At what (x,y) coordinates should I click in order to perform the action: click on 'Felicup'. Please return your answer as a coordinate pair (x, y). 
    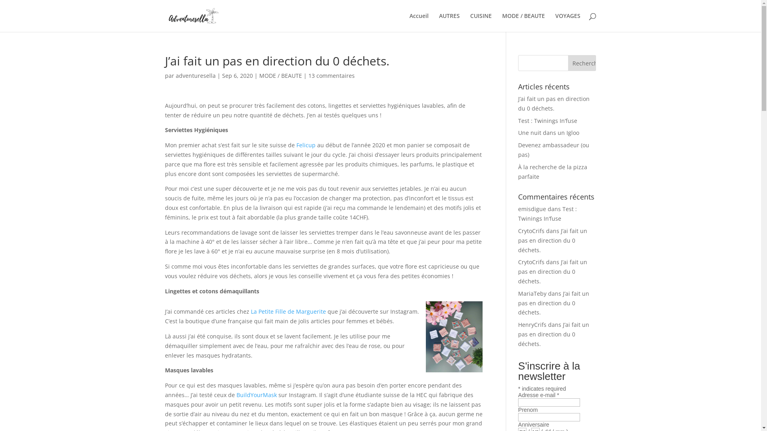
    Looking at the image, I should click on (306, 145).